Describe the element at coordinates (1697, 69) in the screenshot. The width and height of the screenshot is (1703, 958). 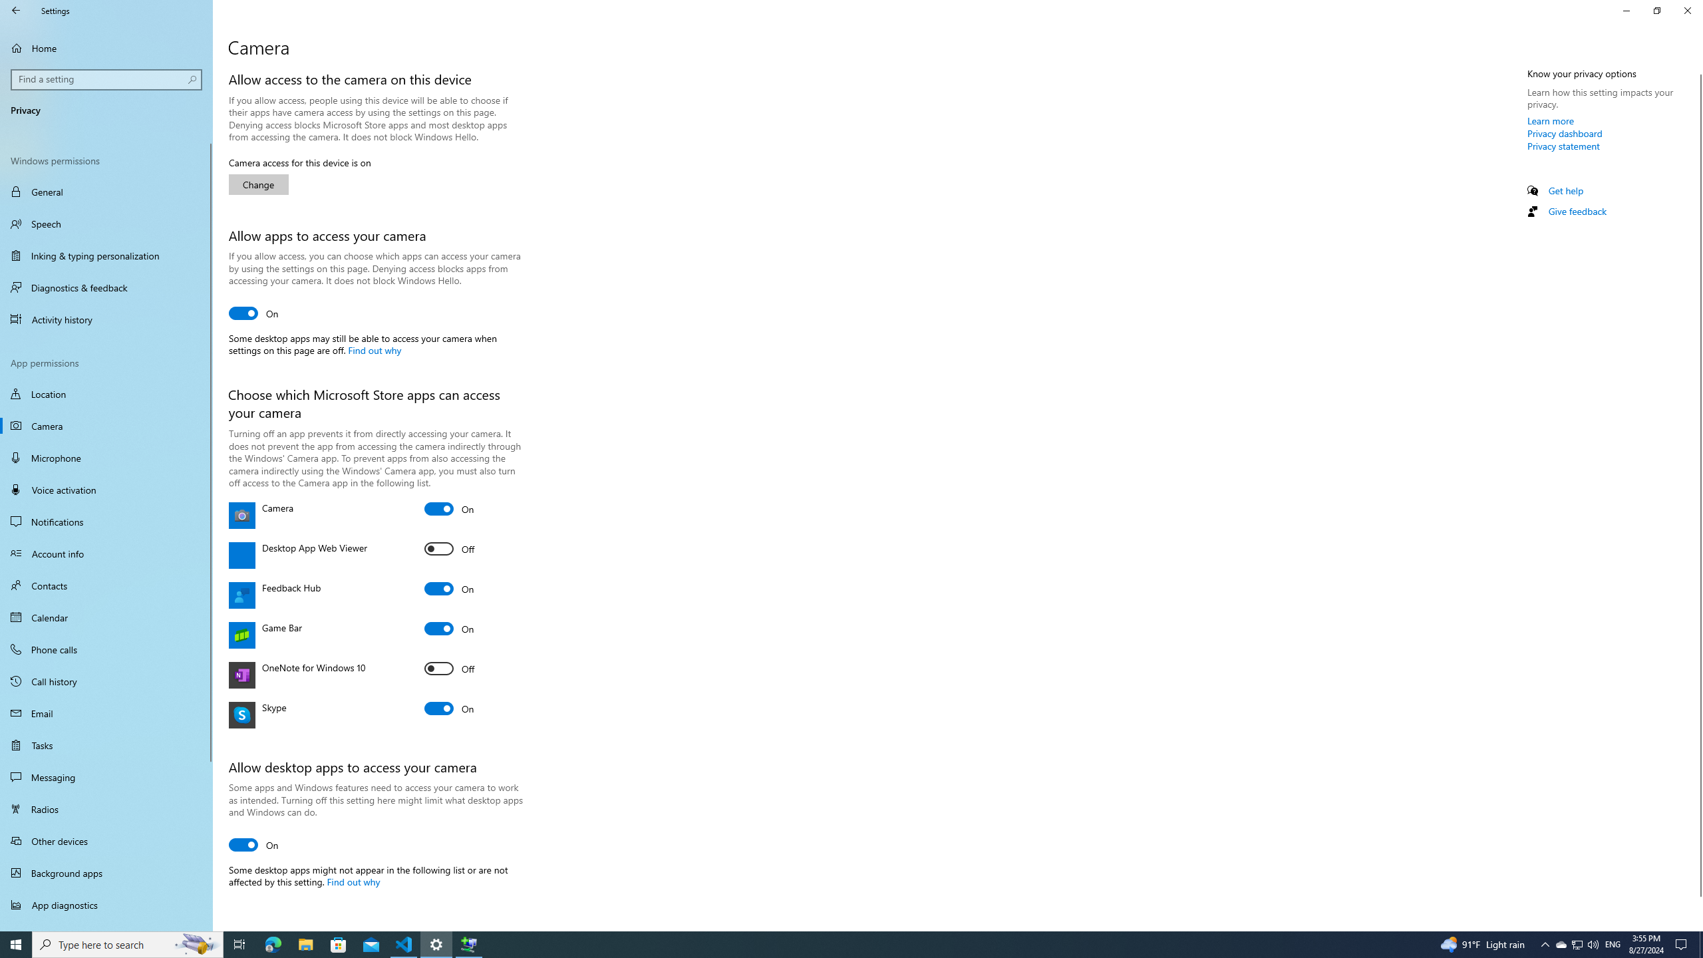
I see `'Vertical Small Decrease'` at that location.